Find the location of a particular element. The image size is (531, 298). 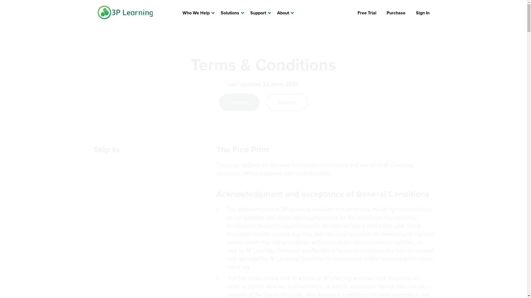

'Spellodrome' is located at coordinates (384, 217).